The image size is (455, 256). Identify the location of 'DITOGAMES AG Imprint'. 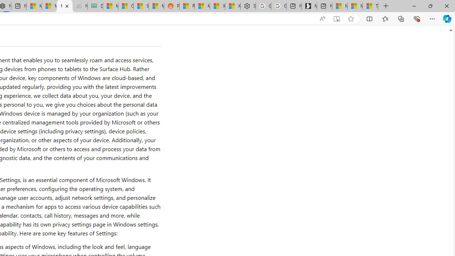
(95, 6).